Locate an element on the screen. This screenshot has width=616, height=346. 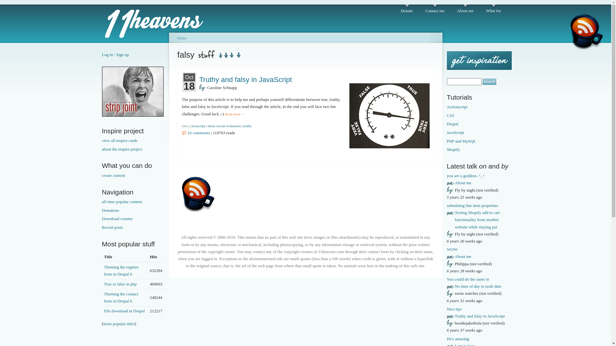
'Log in / Sign up' is located at coordinates (116, 54).